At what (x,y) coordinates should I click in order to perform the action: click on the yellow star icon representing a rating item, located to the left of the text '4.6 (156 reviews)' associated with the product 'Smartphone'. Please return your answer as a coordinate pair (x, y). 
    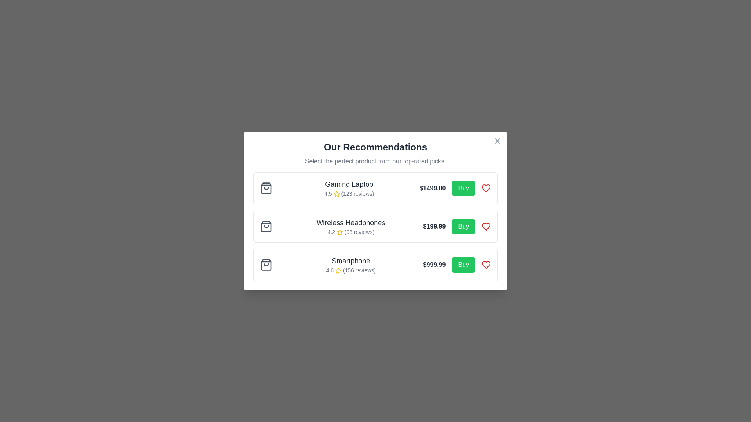
    Looking at the image, I should click on (338, 270).